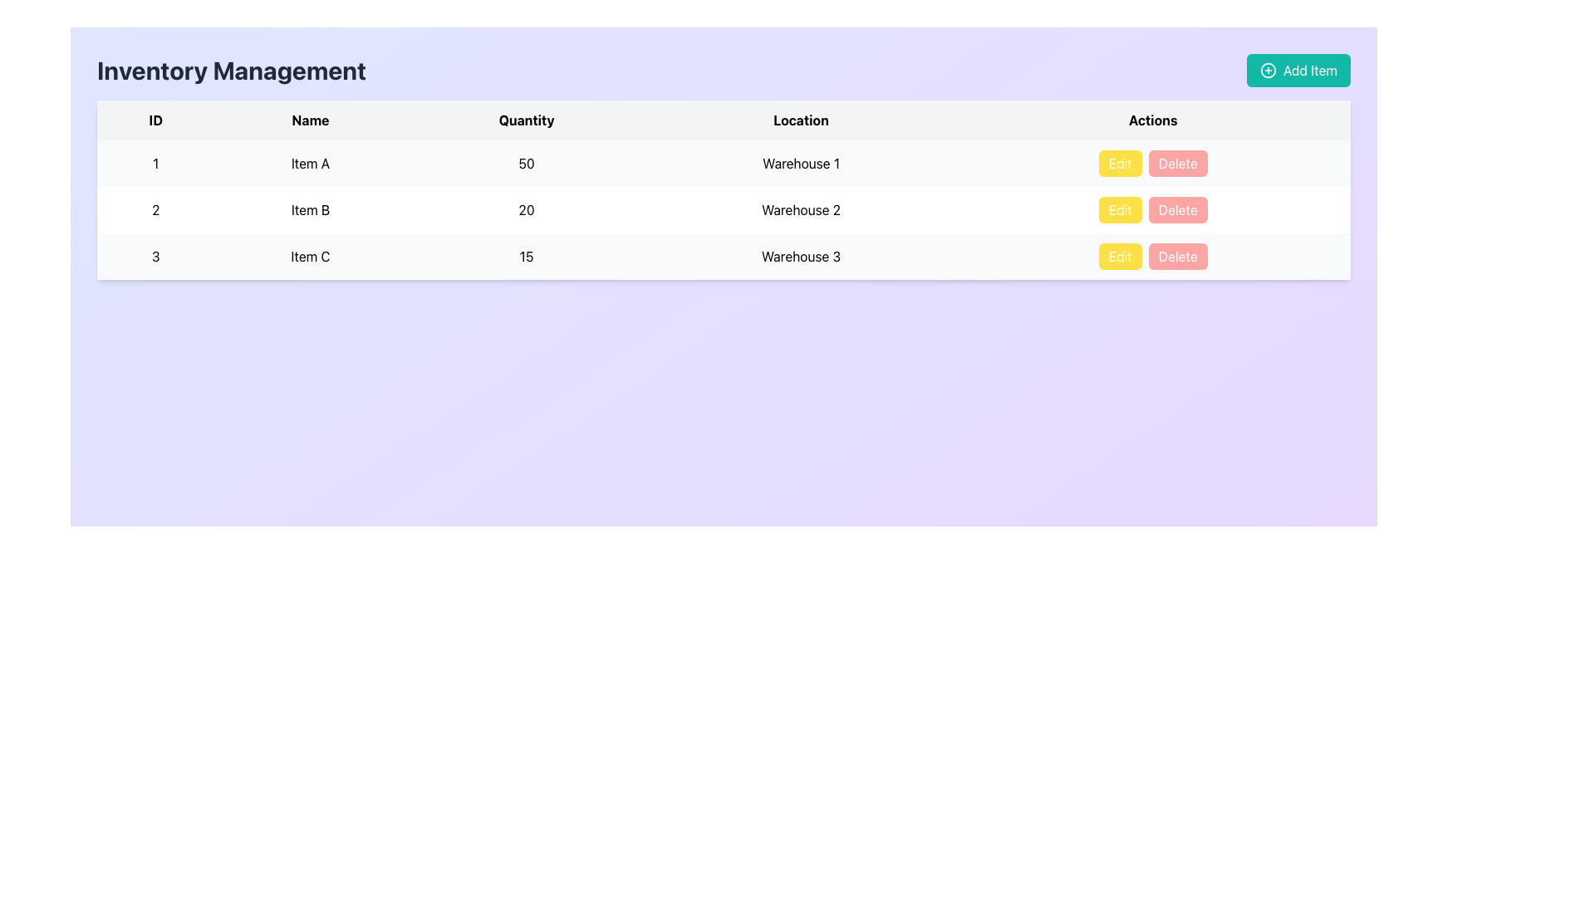 The height and width of the screenshot is (897, 1595). Describe the element at coordinates (1177, 163) in the screenshot. I see `the delete button in the 'Actions' column of the top row within the data table to trigger the hover effect` at that location.